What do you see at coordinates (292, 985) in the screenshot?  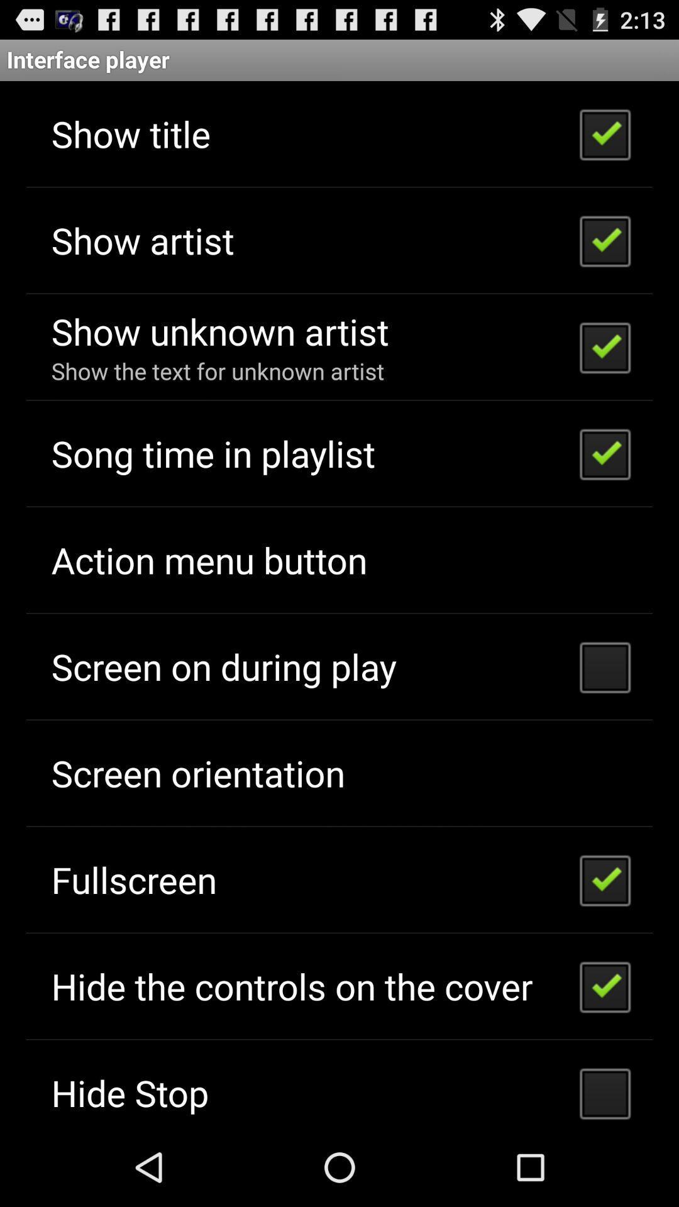 I see `the hide the controls app` at bounding box center [292, 985].